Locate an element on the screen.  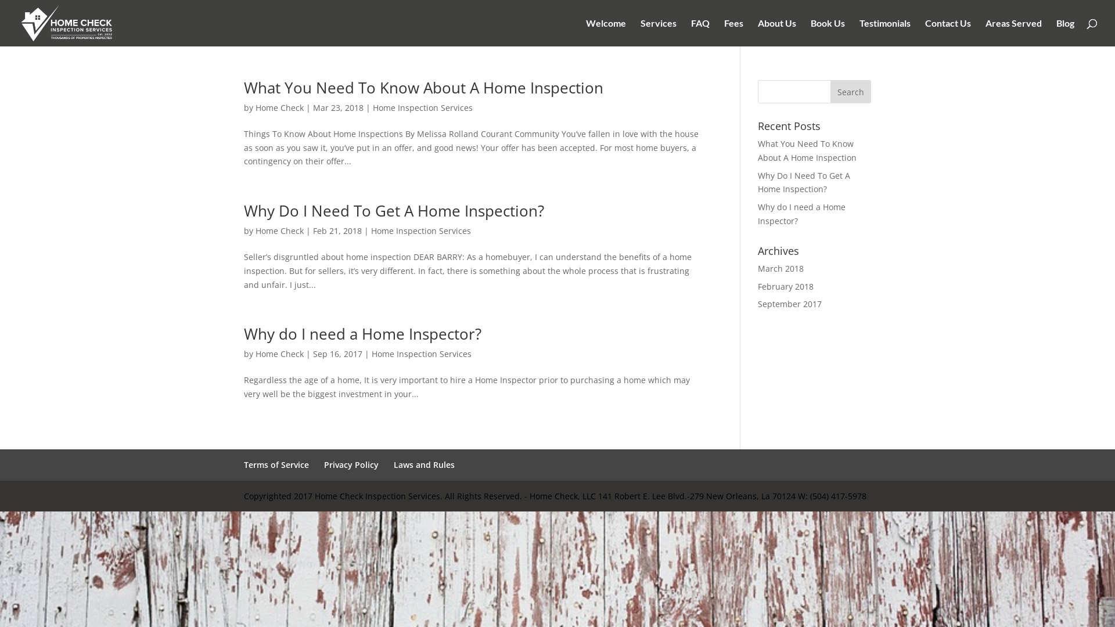
'February 2018' is located at coordinates (758, 286).